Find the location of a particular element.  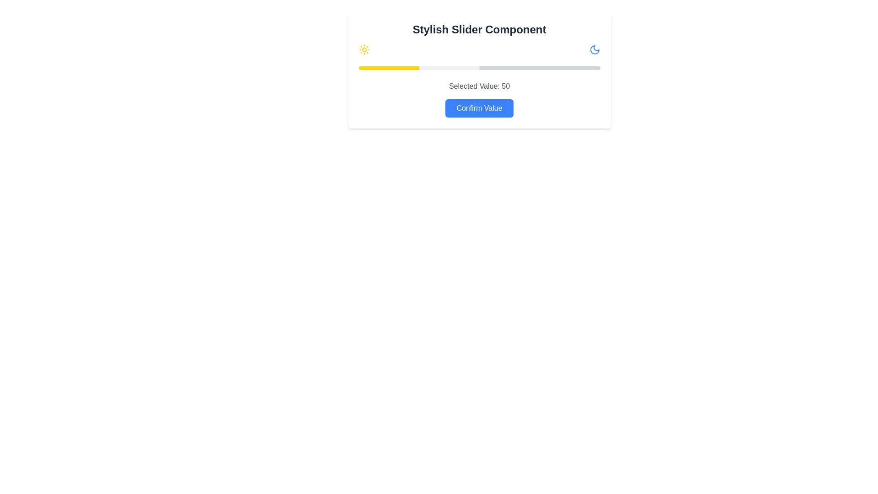

the slider handle to set the value to 7 is located at coordinates (375, 68).